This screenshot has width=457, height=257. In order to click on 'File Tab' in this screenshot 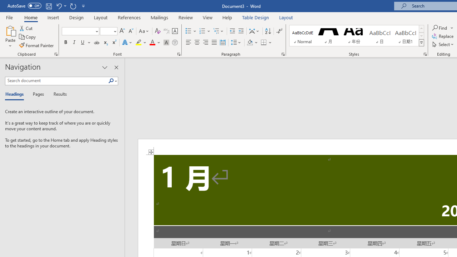, I will do `click(9, 17)`.